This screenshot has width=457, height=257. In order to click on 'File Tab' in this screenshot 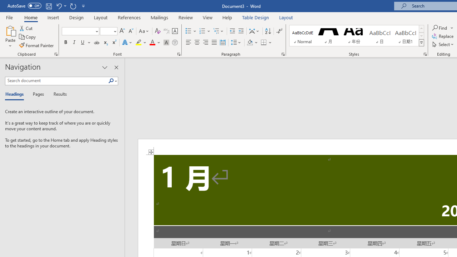, I will do `click(9, 17)`.